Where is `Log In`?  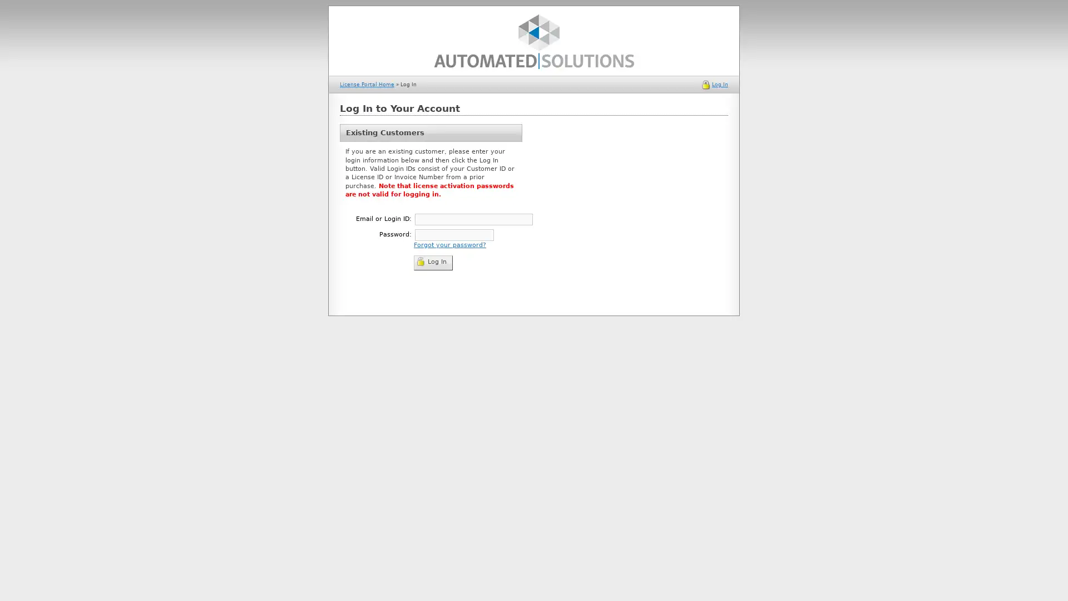
Log In is located at coordinates (432, 262).